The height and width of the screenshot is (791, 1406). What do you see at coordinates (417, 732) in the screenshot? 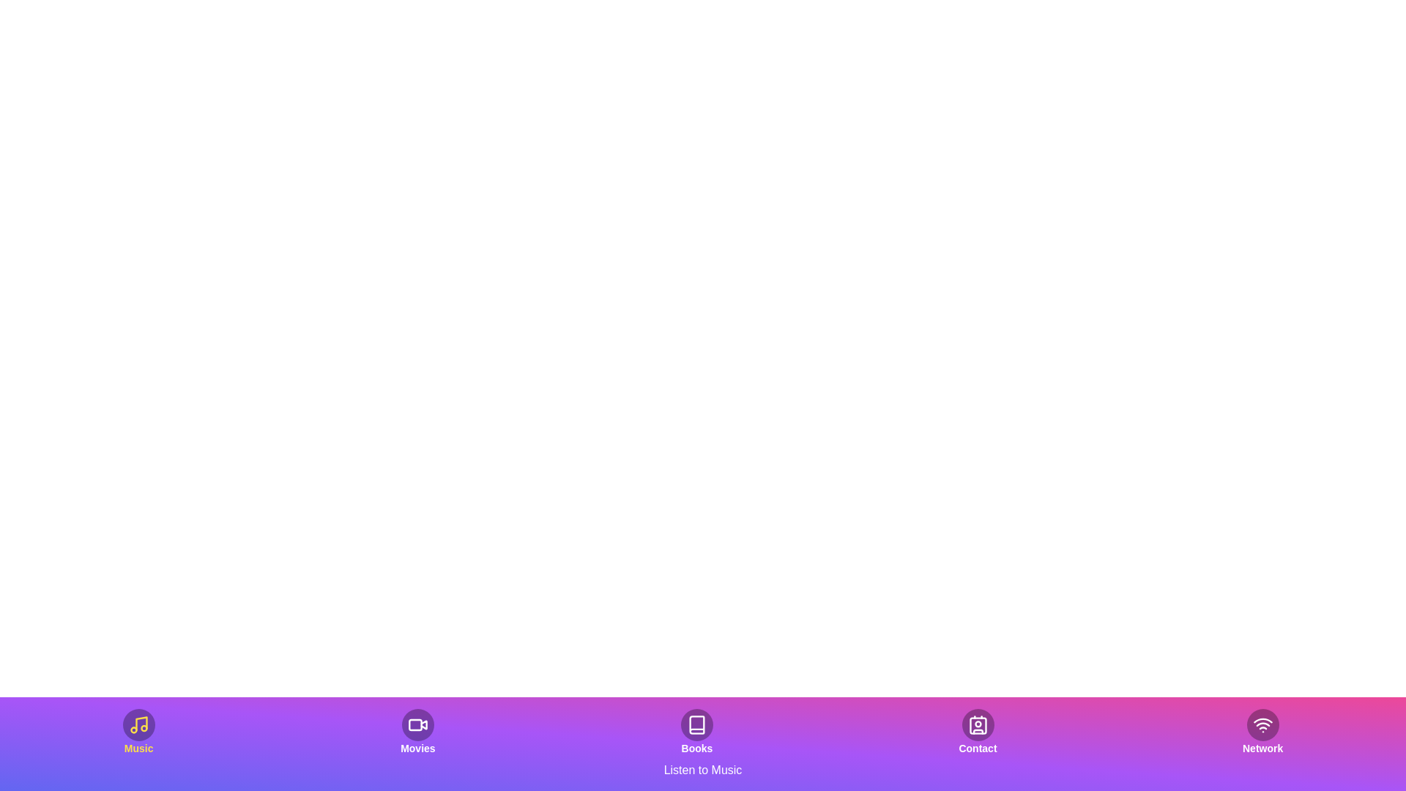
I see `the Movies tab` at bounding box center [417, 732].